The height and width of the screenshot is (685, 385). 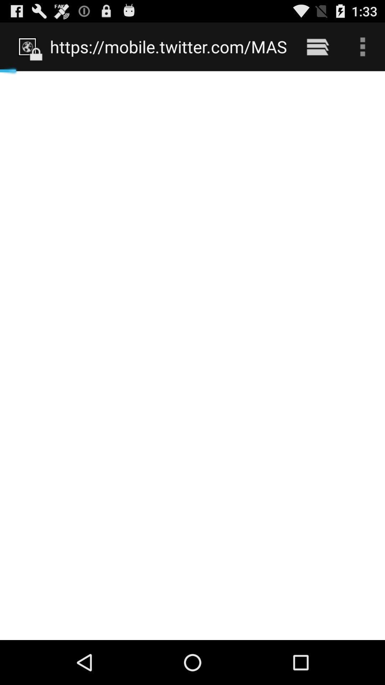 What do you see at coordinates (192, 355) in the screenshot?
I see `icon at the center` at bounding box center [192, 355].